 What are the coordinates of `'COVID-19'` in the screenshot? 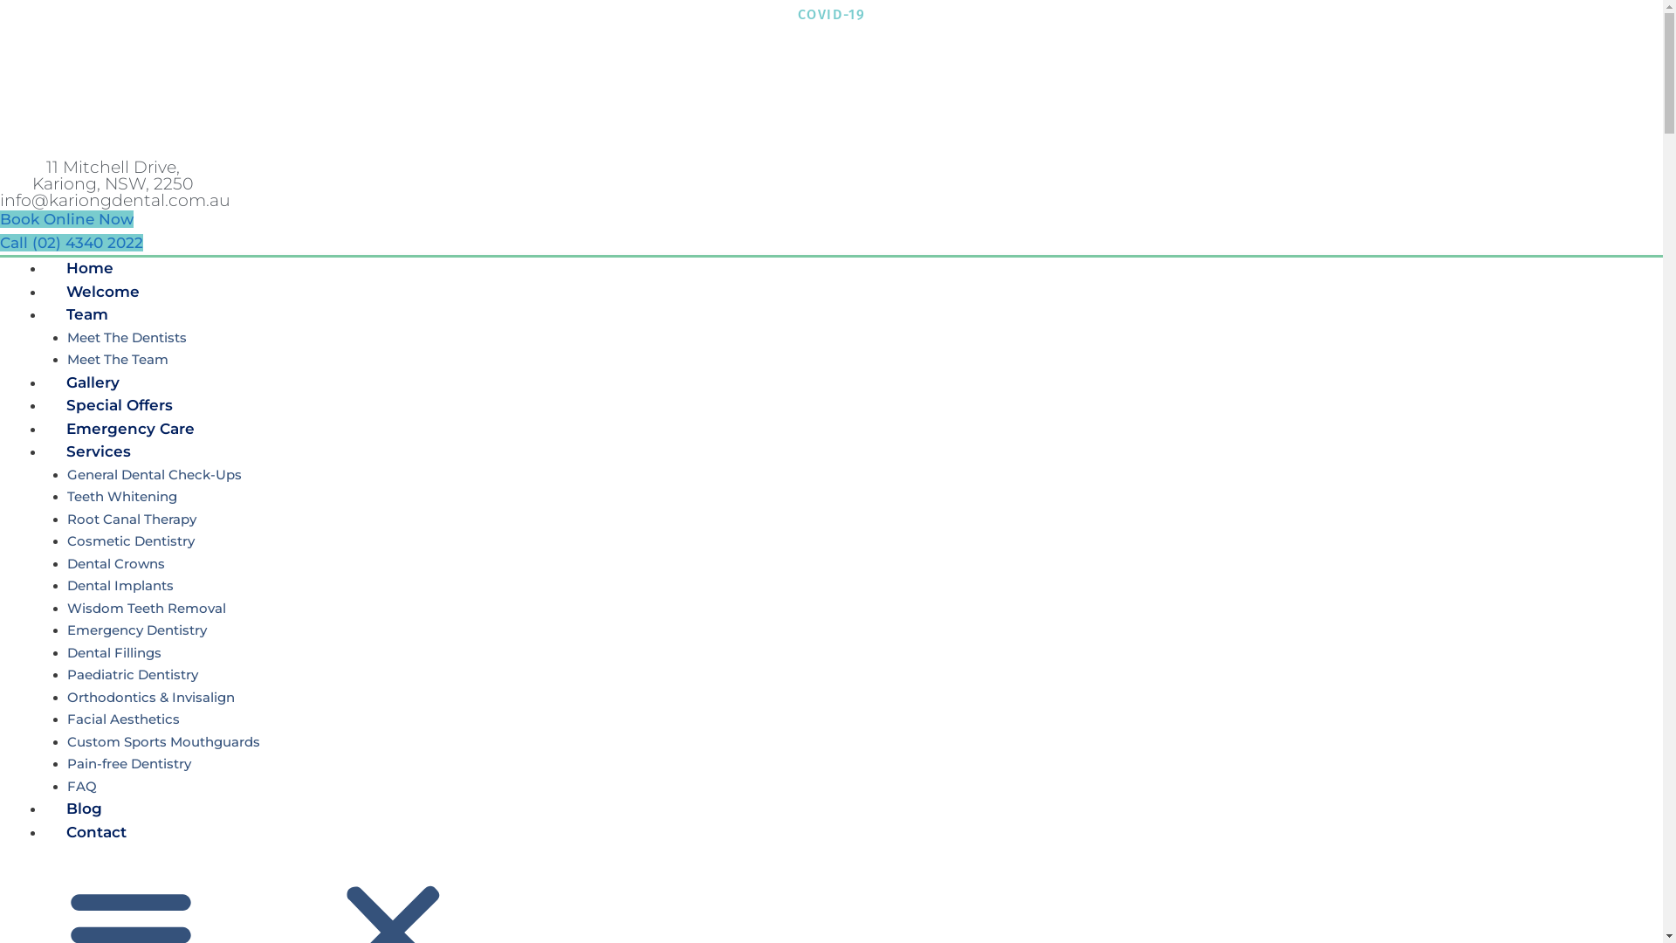 It's located at (796, 14).